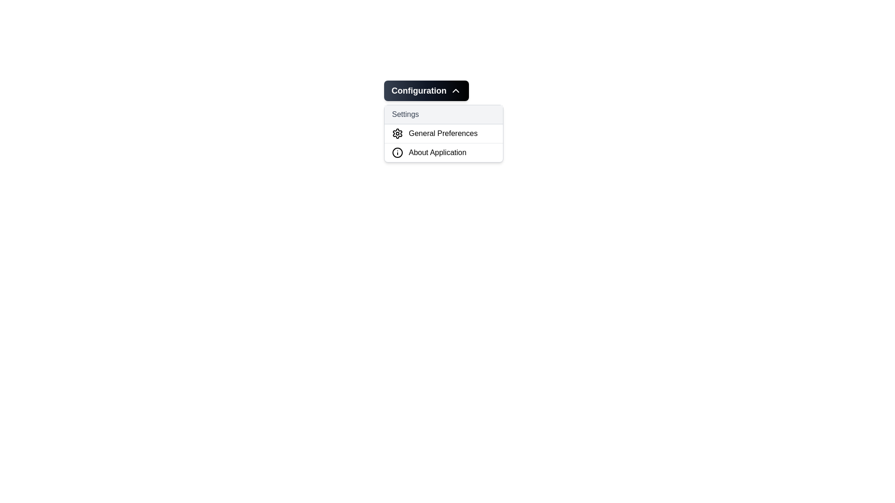 The image size is (895, 503). I want to click on the 'About Application' button-like menu item, which is styled as an informational label and features a circular information icon to the left of the text. This element is located in the lower section of a dropdown panel below 'General Preferences', so click(443, 152).